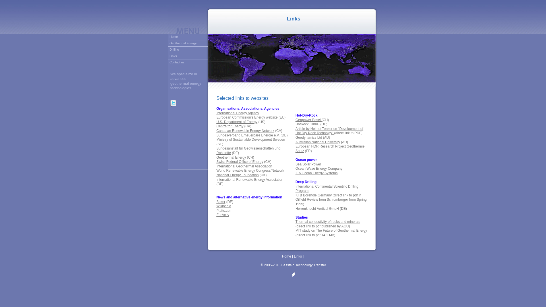 This screenshot has width=546, height=307. What do you see at coordinates (188, 49) in the screenshot?
I see `'Drilling'` at bounding box center [188, 49].